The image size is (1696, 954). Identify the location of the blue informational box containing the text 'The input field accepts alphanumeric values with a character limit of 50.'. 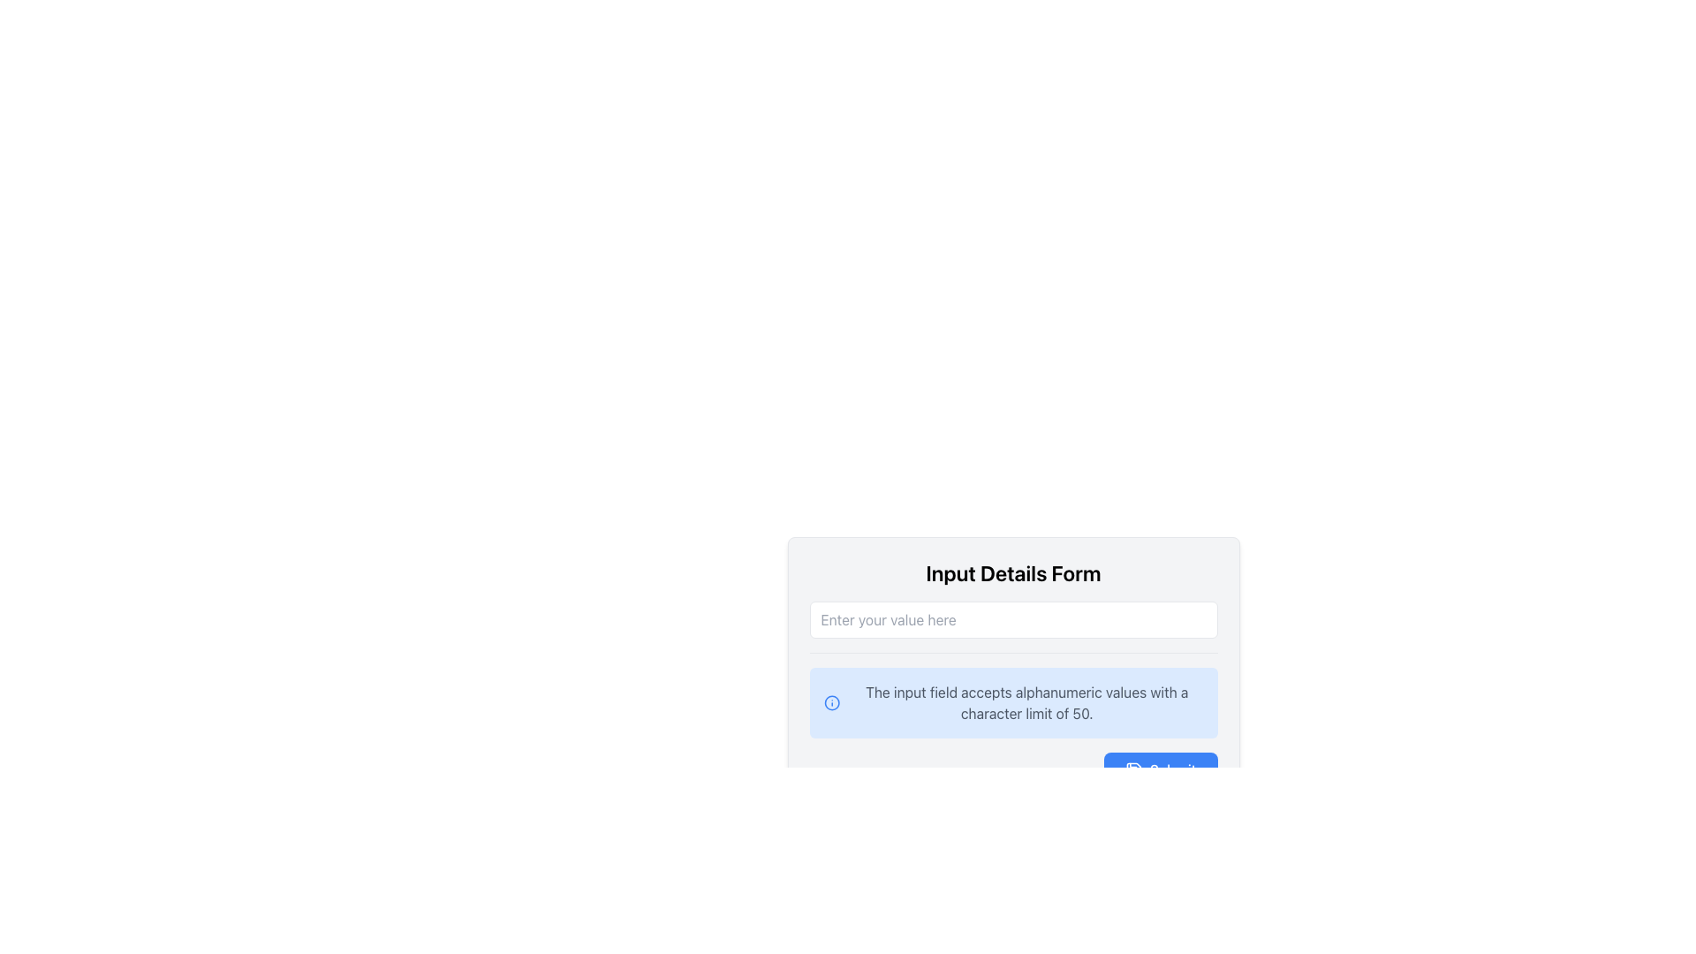
(1013, 693).